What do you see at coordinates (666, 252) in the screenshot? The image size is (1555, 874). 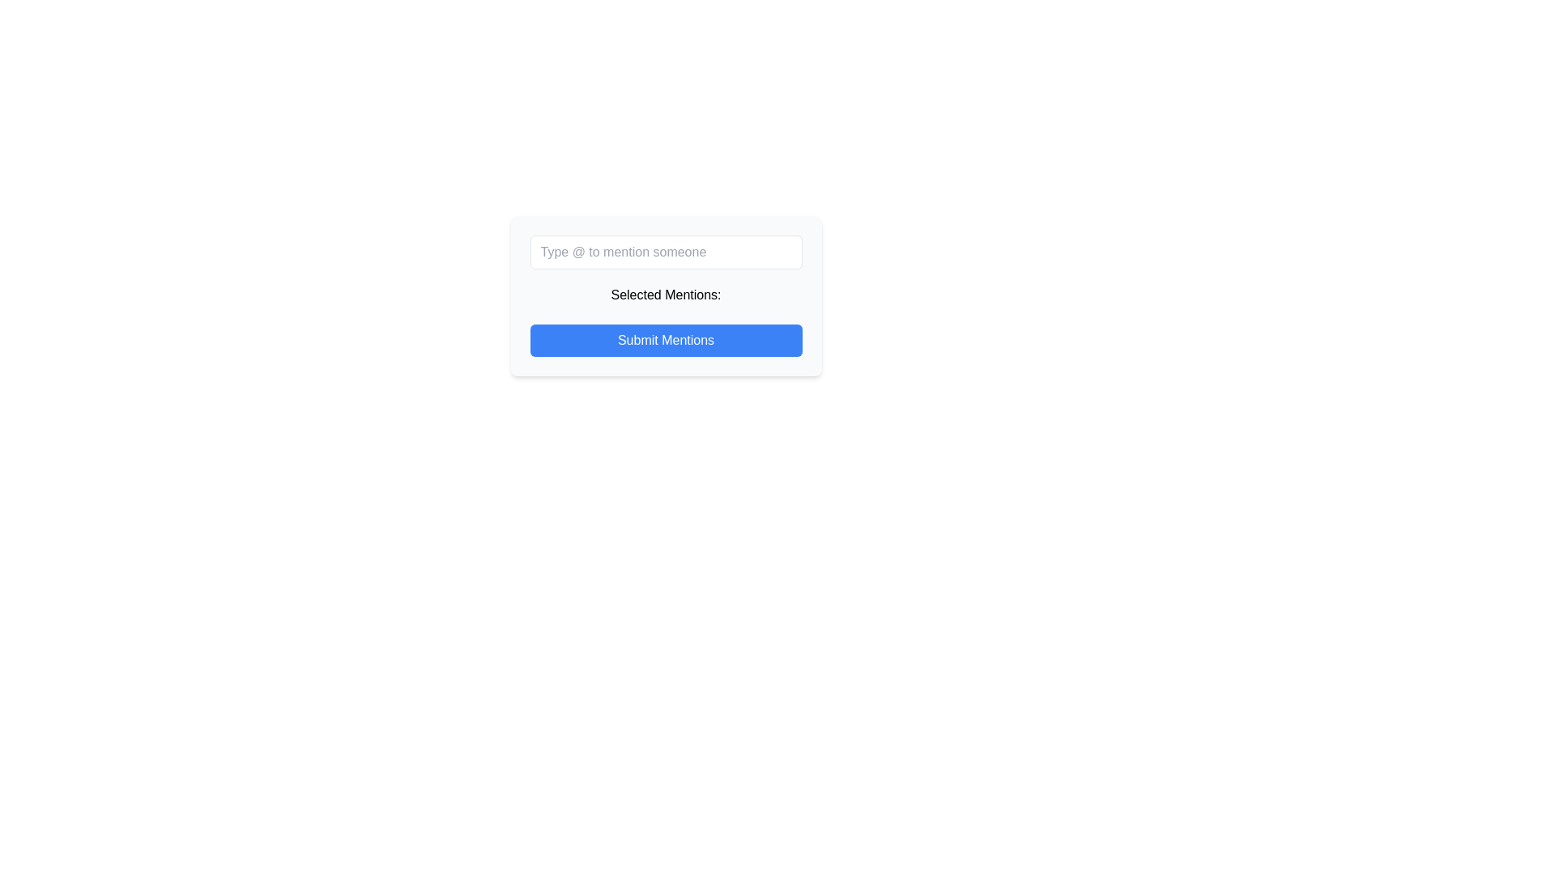 I see `the text input field that allows users to type mentions, located above 'Selected Mentions:' and the 'Submit Mentions' button` at bounding box center [666, 252].